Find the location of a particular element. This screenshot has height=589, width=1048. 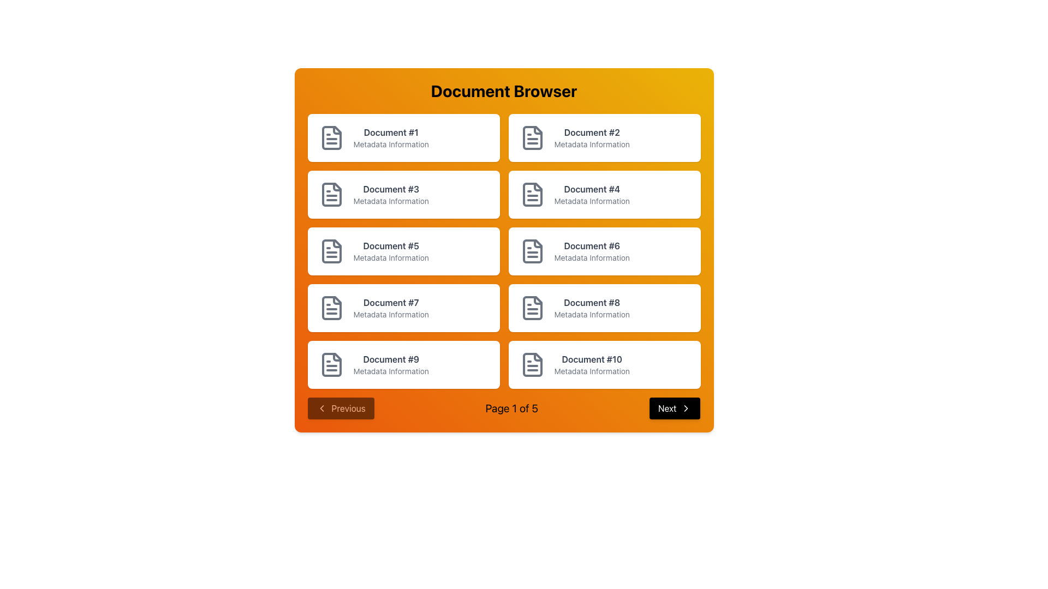

the text label displaying 'Document #8' in bold gray font, located in the second column and fourth row of the document grid is located at coordinates (591, 303).